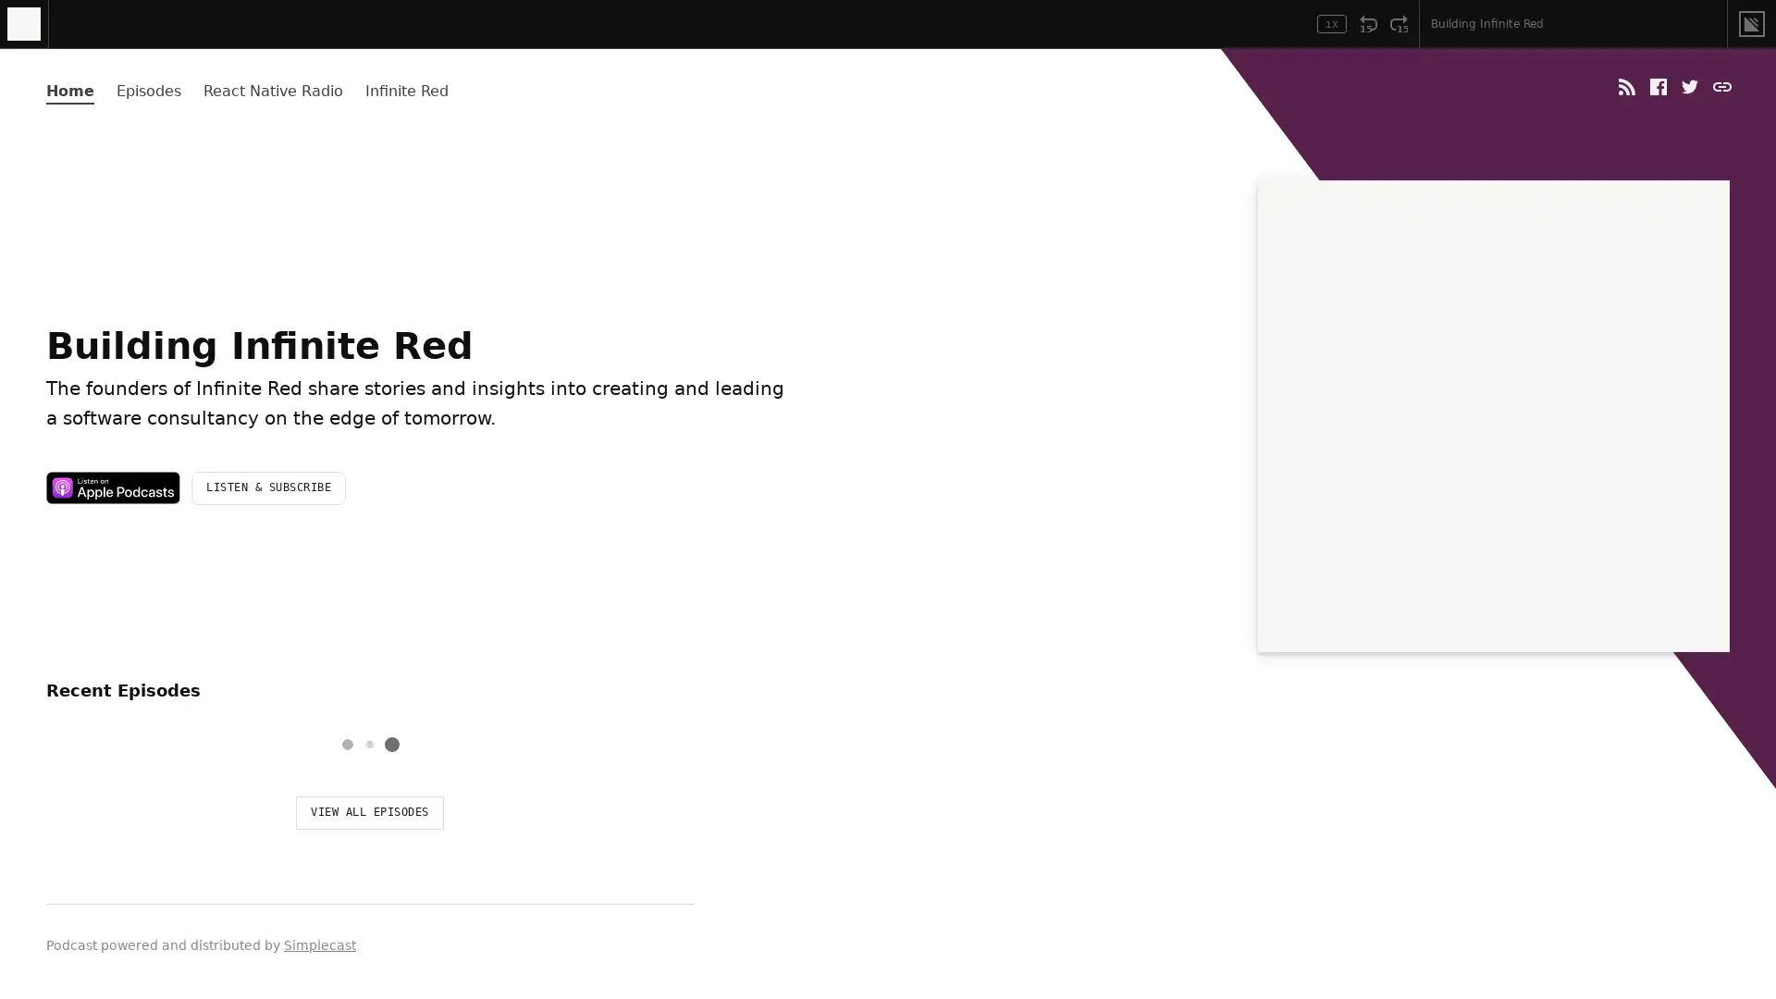 The image size is (1776, 999). I want to click on Play, so click(68, 767).